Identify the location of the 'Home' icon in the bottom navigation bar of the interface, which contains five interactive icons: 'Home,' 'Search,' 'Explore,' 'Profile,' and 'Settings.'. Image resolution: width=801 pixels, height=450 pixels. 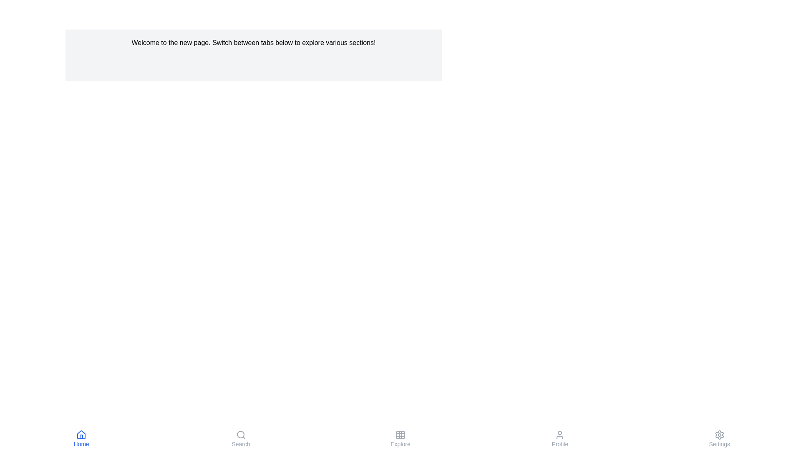
(400, 438).